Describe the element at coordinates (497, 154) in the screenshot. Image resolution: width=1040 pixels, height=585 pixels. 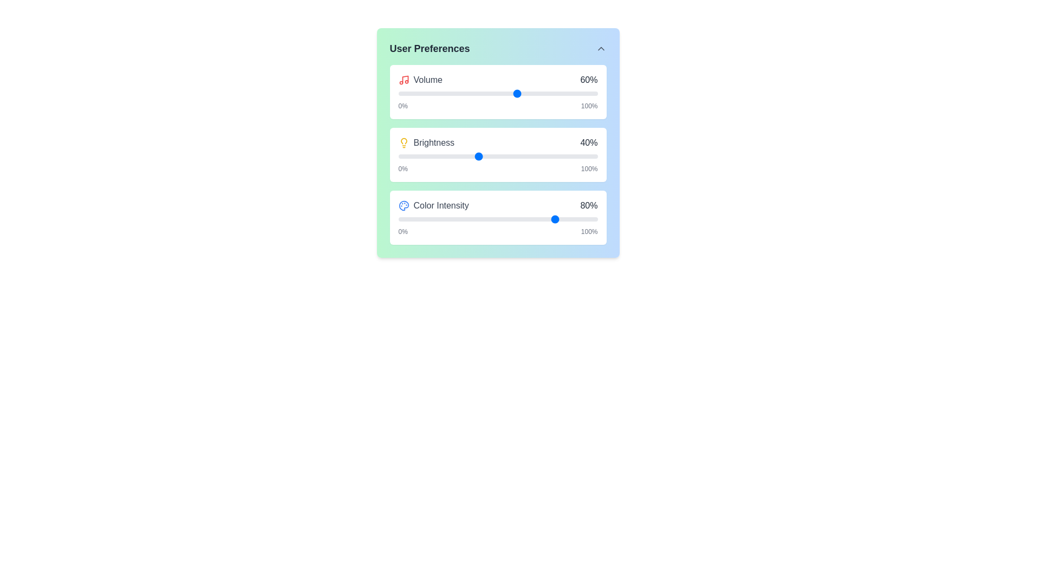
I see `the slider in the 'Brightness' section` at that location.